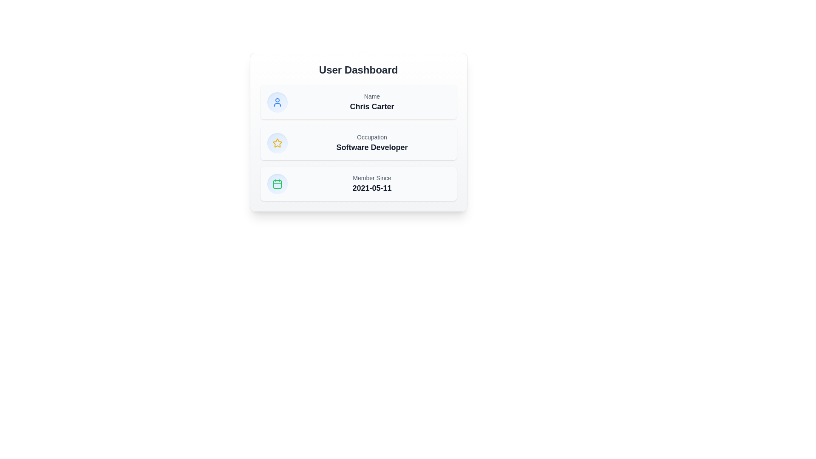  Describe the element at coordinates (277, 142) in the screenshot. I see `the star-shaped yellow icon located in the 'Occupation' section of the dashboard, associated with 'Software Developer.'` at that location.